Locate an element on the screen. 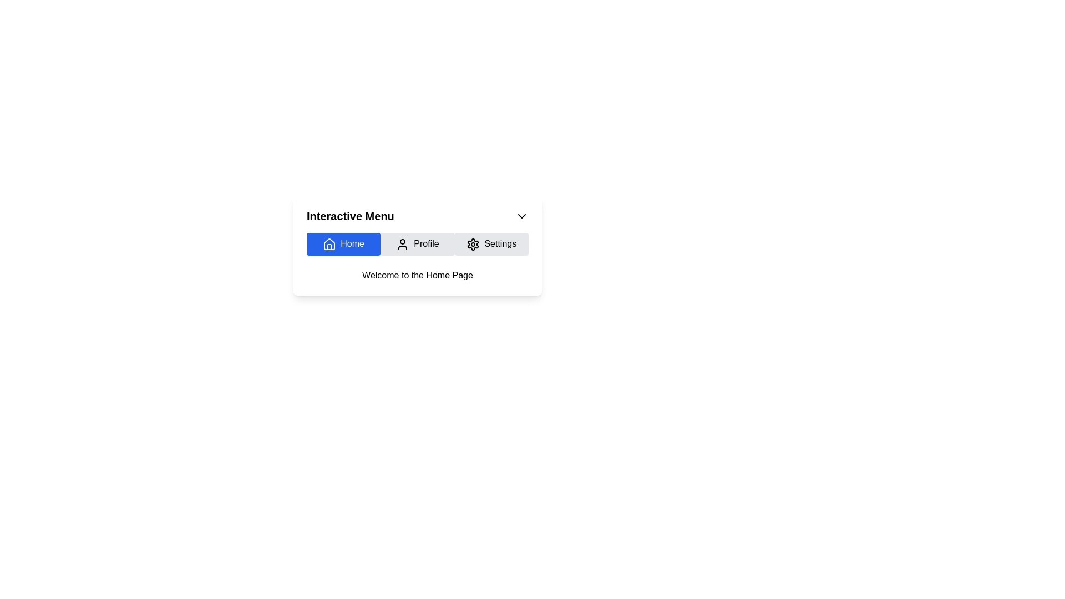 This screenshot has height=599, width=1065. the home navigation button located at the top left of the interactive menu to observe any hover effects is located at coordinates (343, 243).